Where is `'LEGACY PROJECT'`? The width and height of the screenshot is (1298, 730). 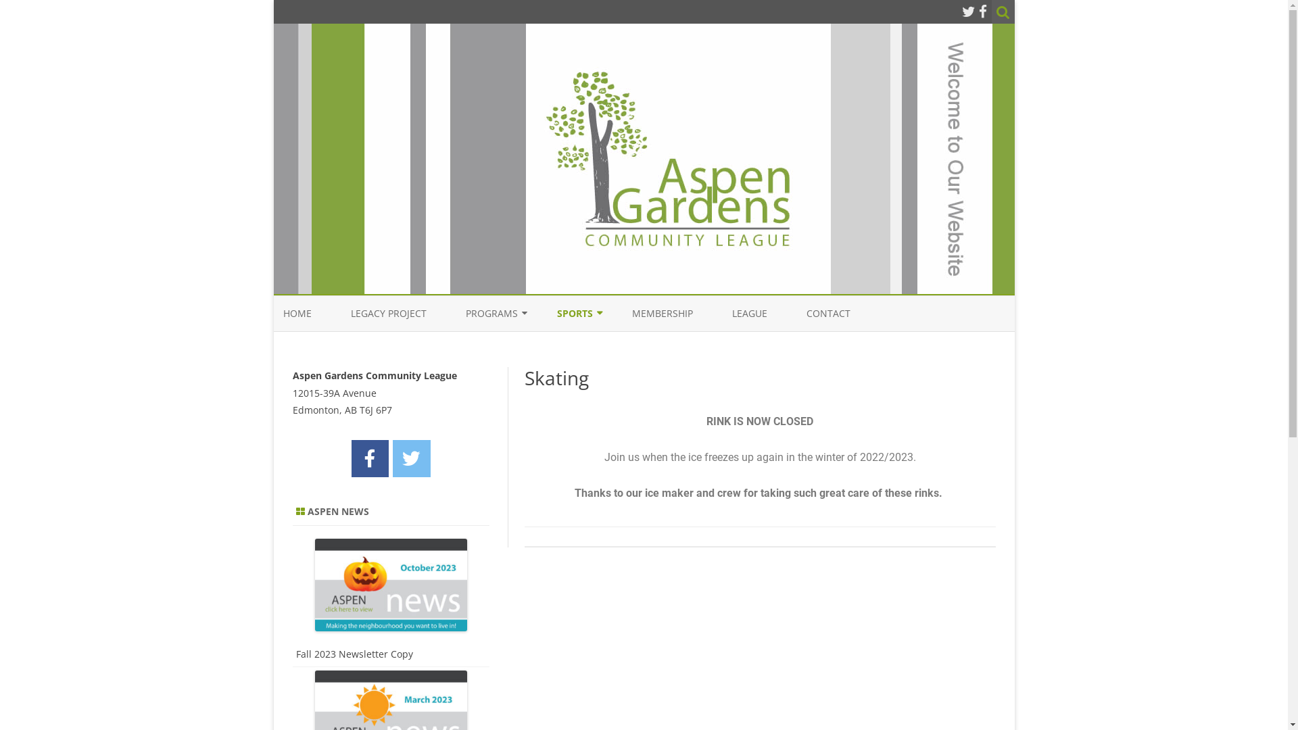 'LEGACY PROJECT' is located at coordinates (387, 313).